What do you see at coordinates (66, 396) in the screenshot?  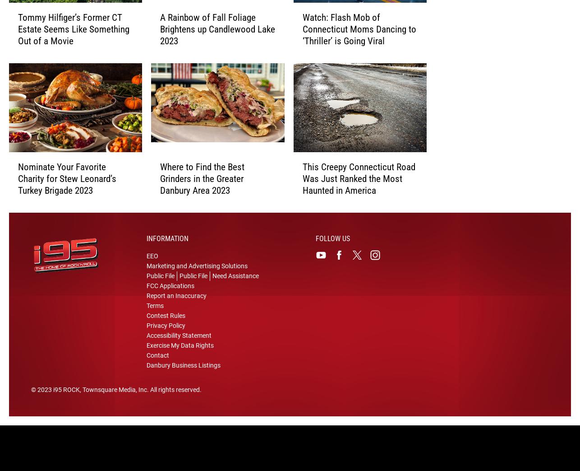 I see `'i95 ROCK'` at bounding box center [66, 396].